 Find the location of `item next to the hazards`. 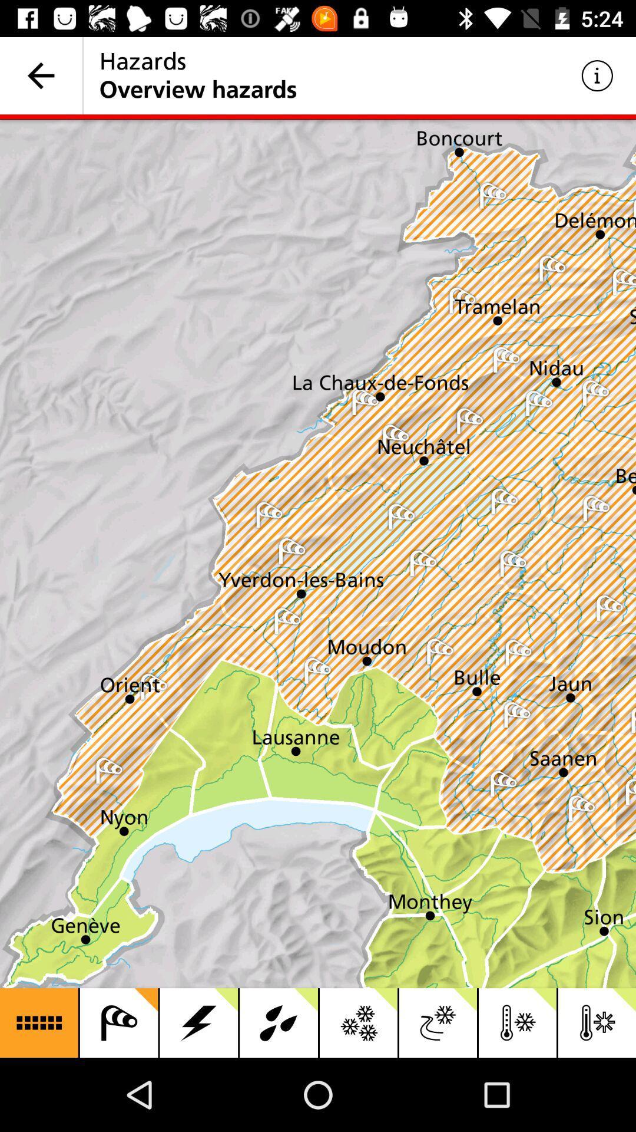

item next to the hazards is located at coordinates (597, 75).